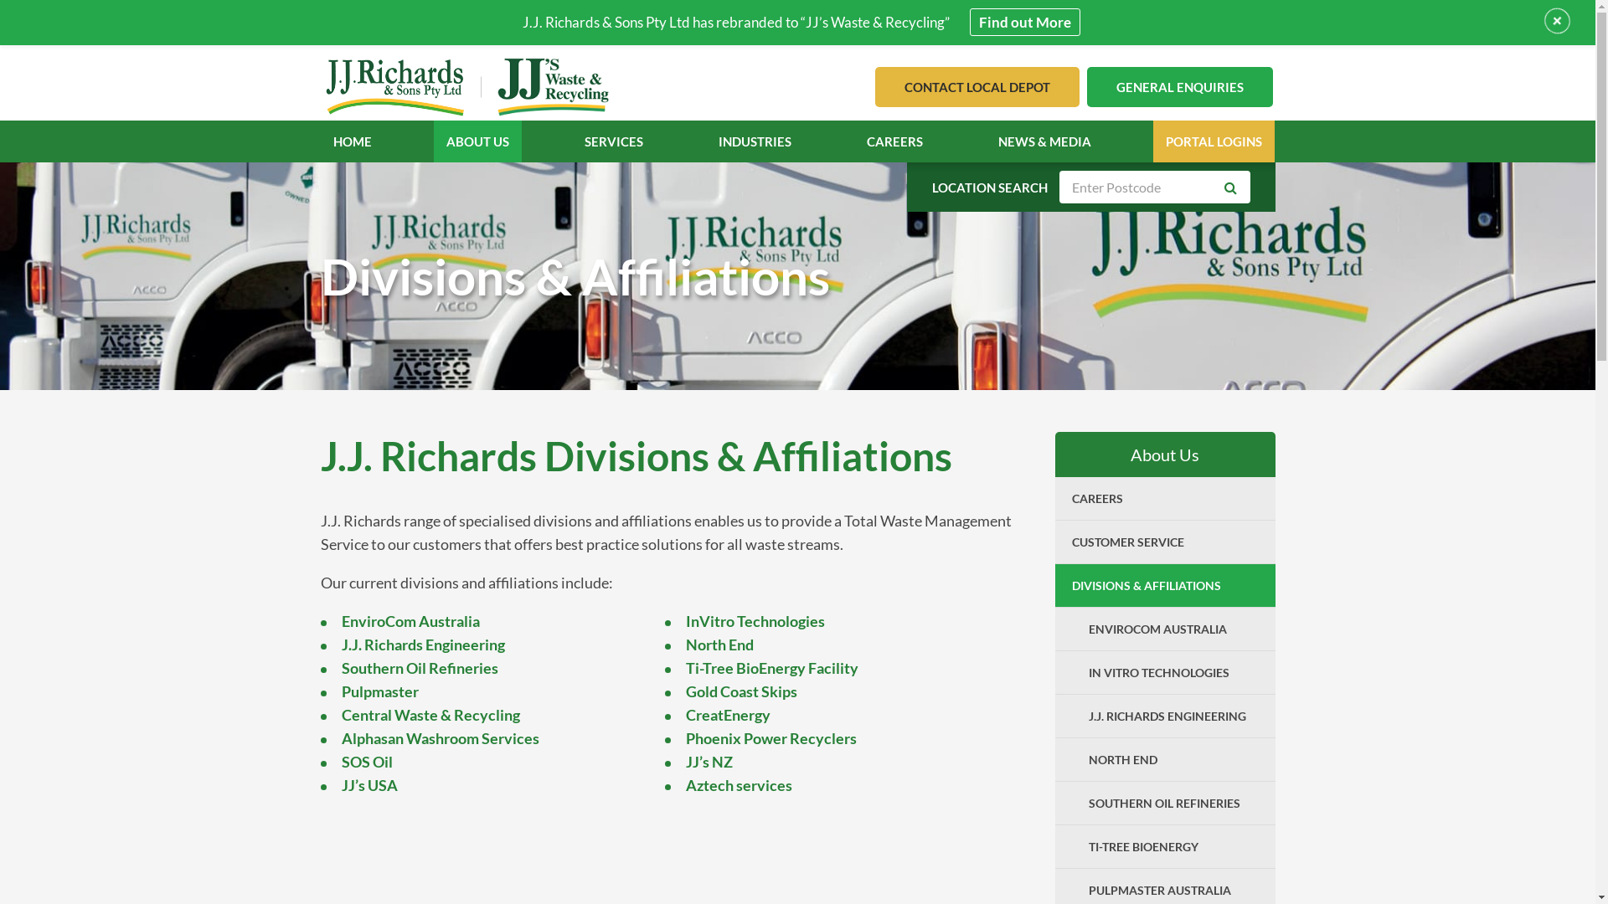  What do you see at coordinates (1172, 671) in the screenshot?
I see `'IN VITRO TECHNOLOGIES'` at bounding box center [1172, 671].